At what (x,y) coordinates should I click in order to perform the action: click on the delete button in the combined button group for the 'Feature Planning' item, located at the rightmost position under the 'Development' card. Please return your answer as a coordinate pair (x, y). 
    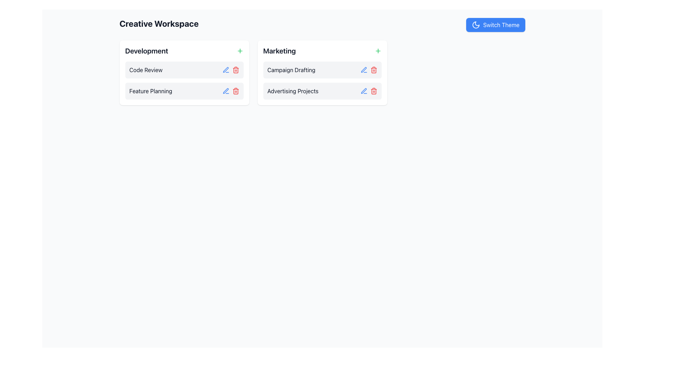
    Looking at the image, I should click on (231, 90).